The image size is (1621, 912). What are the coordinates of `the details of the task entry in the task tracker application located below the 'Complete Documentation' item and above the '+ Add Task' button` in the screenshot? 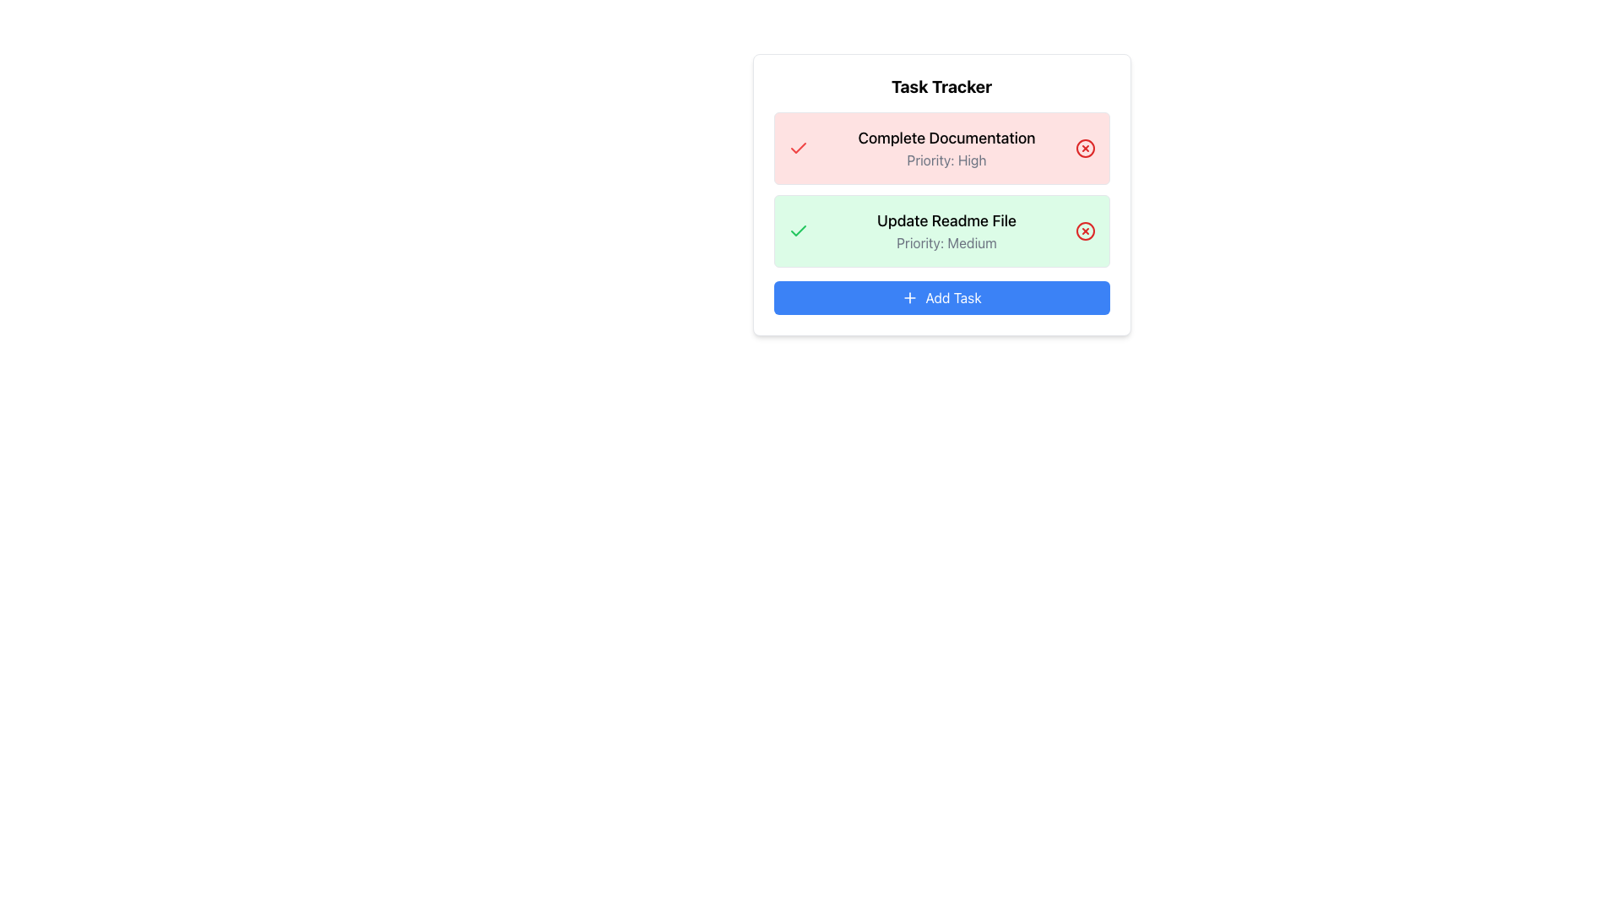 It's located at (941, 231).